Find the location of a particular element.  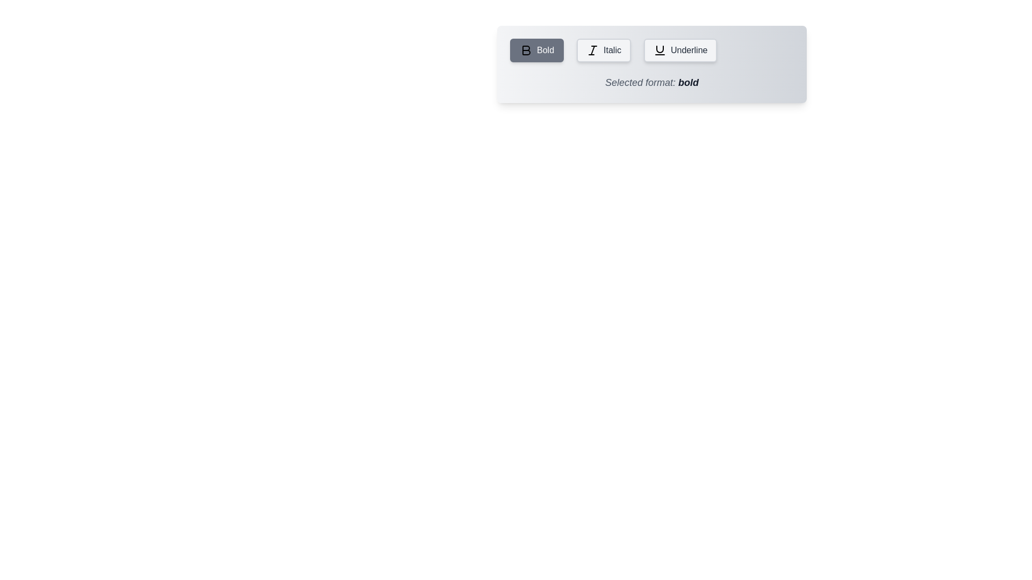

the Italic button to select the corresponding text formatting option is located at coordinates (604, 50).